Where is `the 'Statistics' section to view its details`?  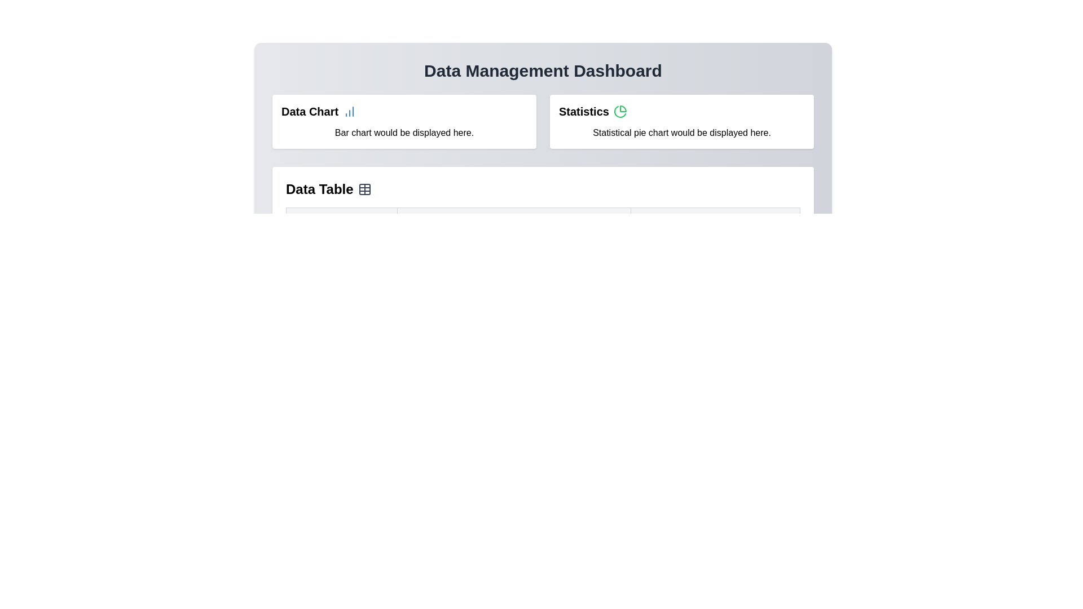
the 'Statistics' section to view its details is located at coordinates (681, 122).